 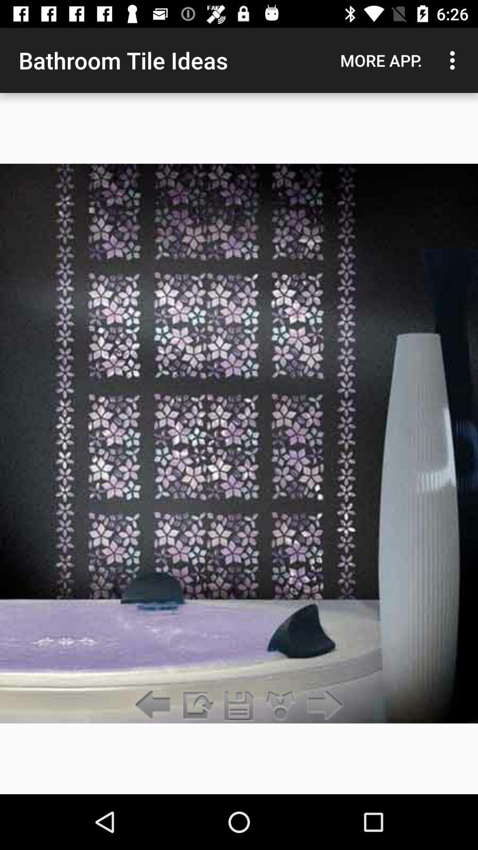 What do you see at coordinates (323, 705) in the screenshot?
I see `the item at the bottom right corner` at bounding box center [323, 705].